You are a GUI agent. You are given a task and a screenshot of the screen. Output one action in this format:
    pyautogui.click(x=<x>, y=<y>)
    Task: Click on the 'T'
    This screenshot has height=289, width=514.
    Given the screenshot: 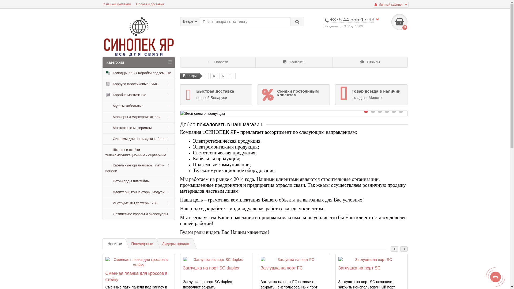 What is the action you would take?
    pyautogui.click(x=229, y=76)
    